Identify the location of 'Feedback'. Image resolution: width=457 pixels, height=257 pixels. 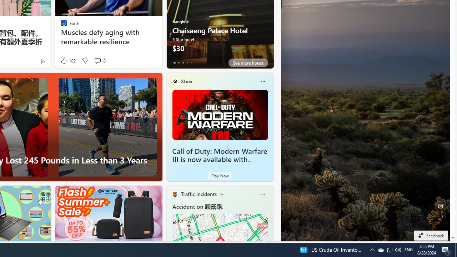
(430, 235).